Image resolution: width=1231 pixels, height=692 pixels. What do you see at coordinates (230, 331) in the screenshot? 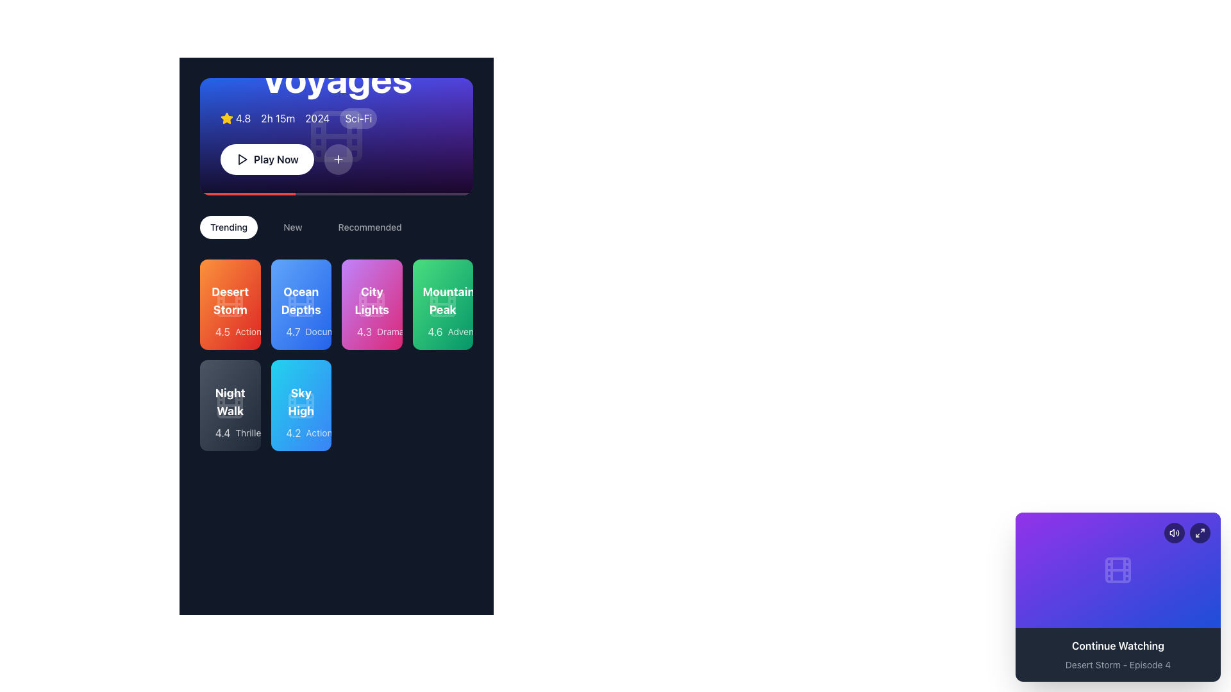
I see `the star icon associated with the rating of '4.5 stars' located in the bottom section of the 'Desert Storm' card in the 'Trending' category` at bounding box center [230, 331].